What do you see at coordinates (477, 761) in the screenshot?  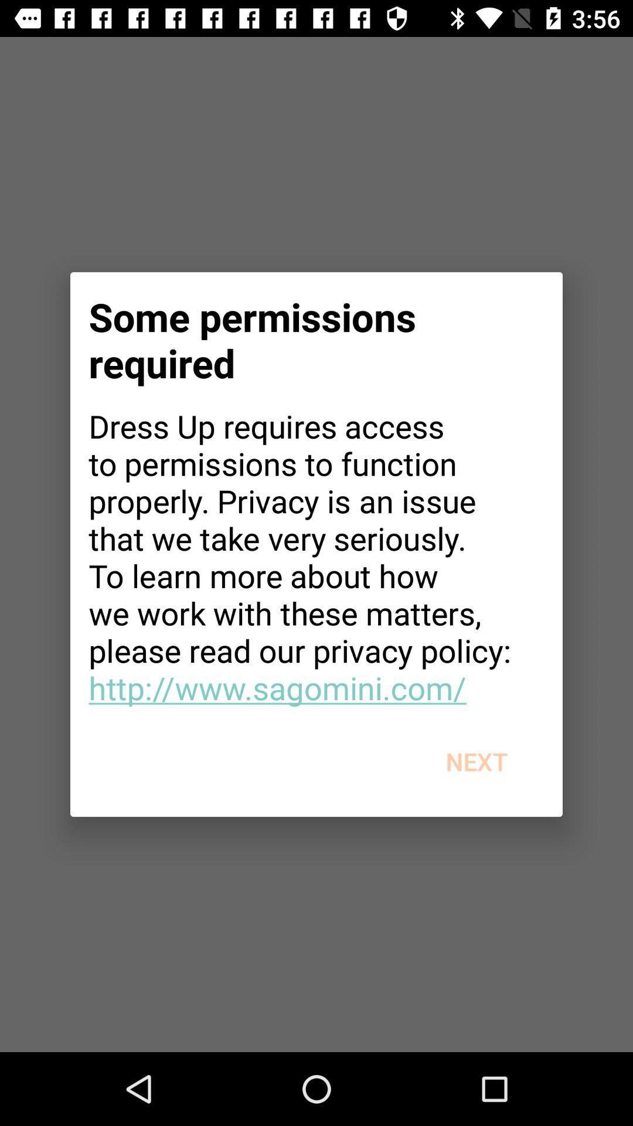 I see `the next at the bottom right corner` at bounding box center [477, 761].